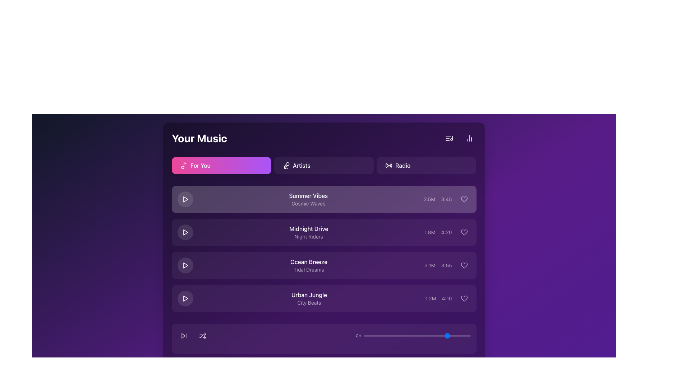 The image size is (690, 388). Describe the element at coordinates (185, 298) in the screenshot. I see `the triangular red play icon located next to the song title 'Urban Jungle' to play the associated song` at that location.